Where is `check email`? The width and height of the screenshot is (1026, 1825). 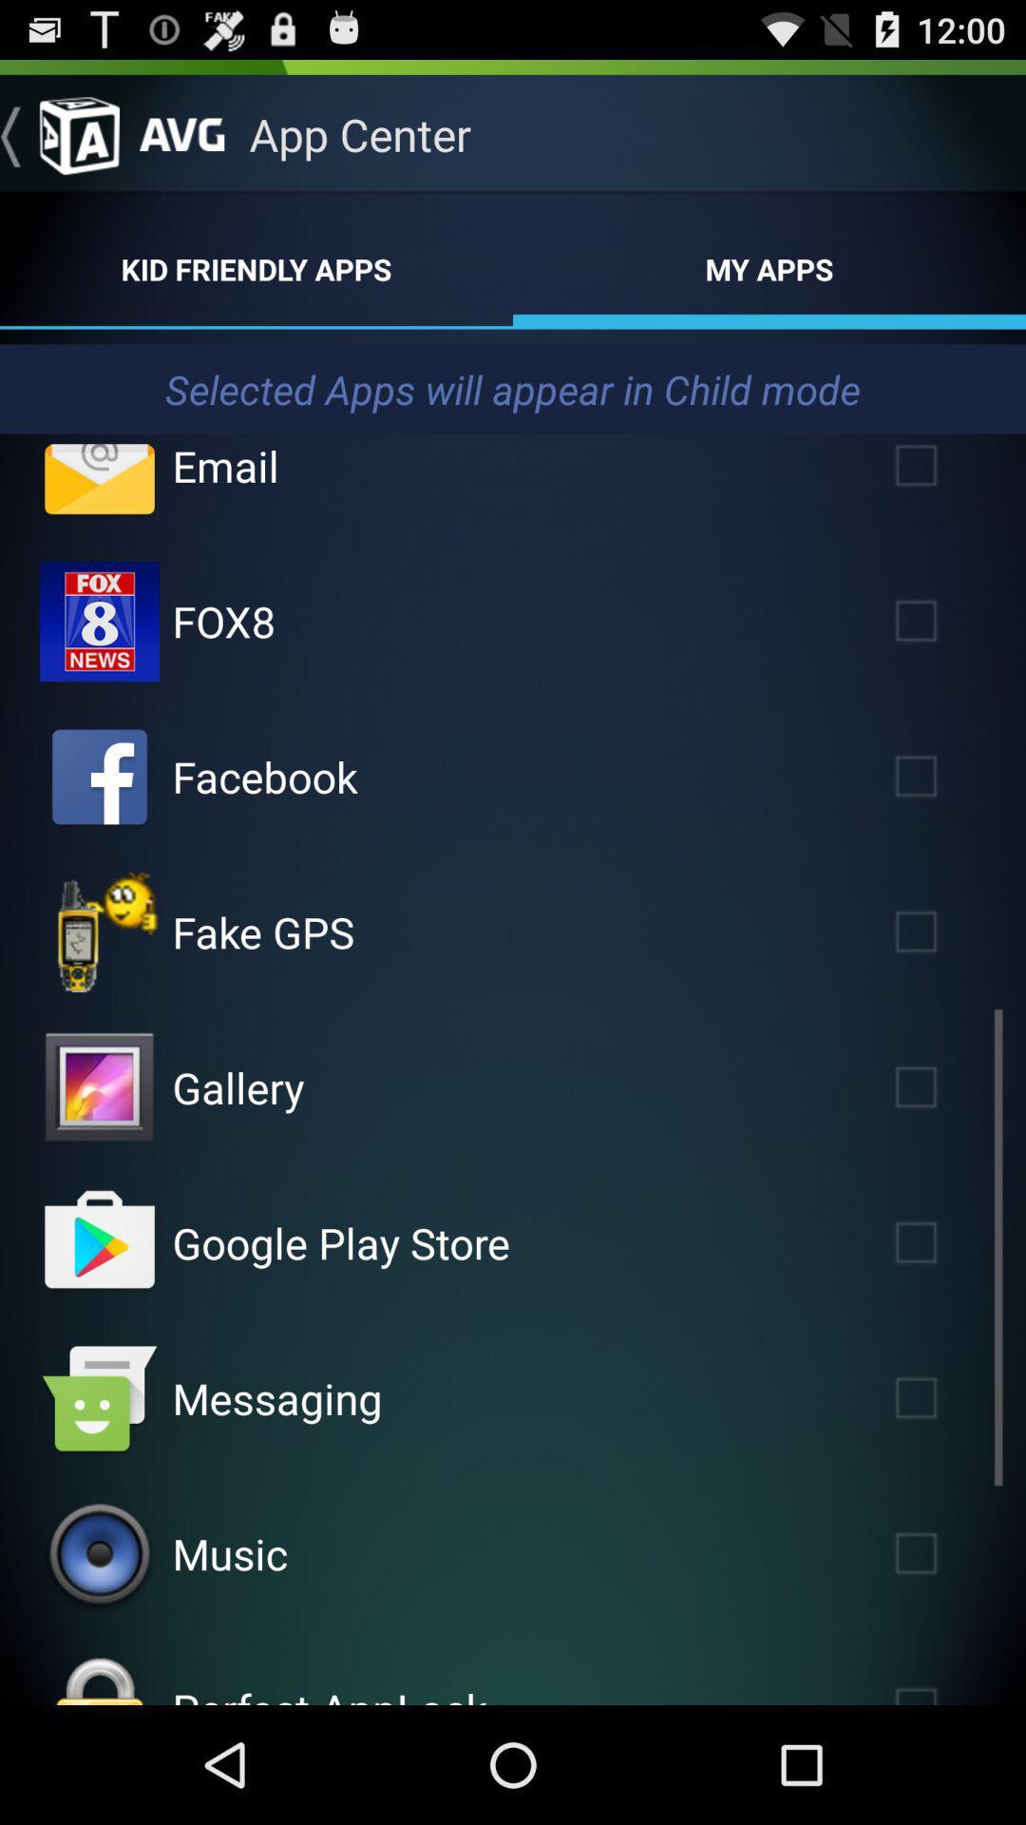 check email is located at coordinates (99, 480).